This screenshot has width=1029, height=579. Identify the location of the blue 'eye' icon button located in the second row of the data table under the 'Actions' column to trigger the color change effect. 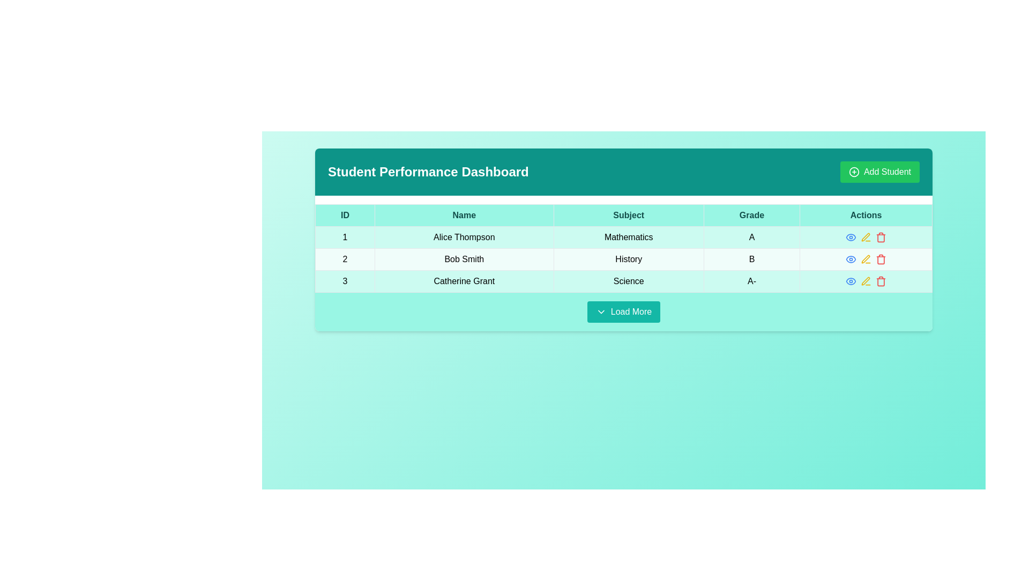
(851, 259).